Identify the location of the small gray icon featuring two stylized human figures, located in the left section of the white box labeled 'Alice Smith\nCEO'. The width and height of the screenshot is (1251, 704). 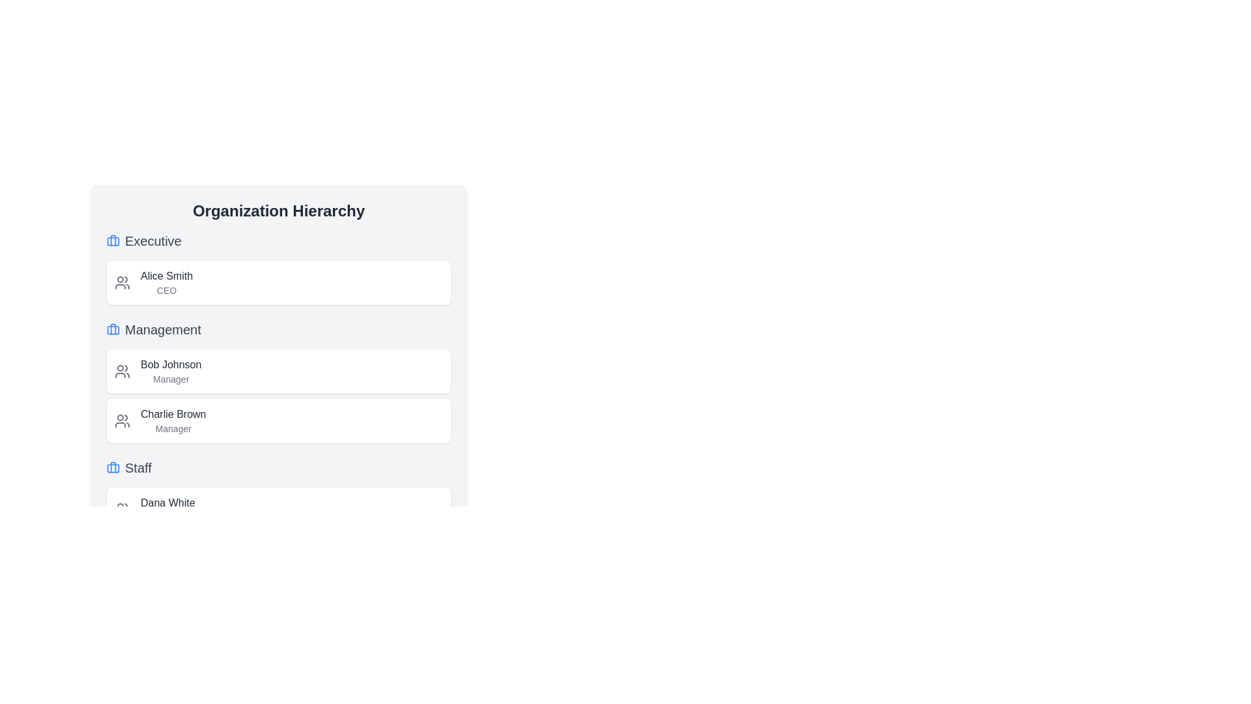
(122, 282).